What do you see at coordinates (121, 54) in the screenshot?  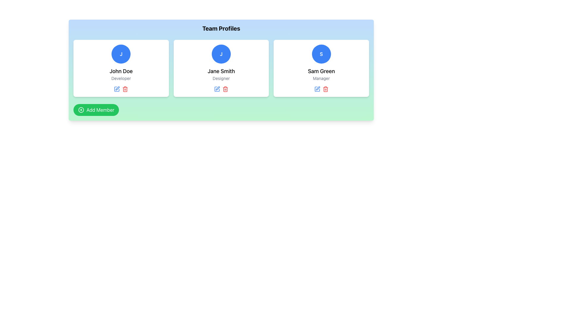 I see `the circular avatar with a blue background and white text, located at the top center of the 'John Doe - Developer' card in the 'Team Profiles' section` at bounding box center [121, 54].